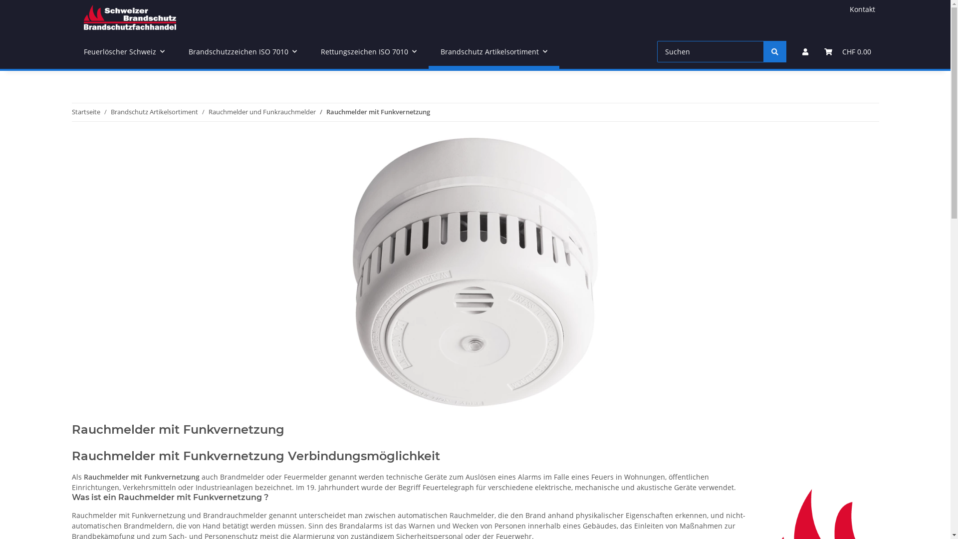 Image resolution: width=958 pixels, height=539 pixels. Describe the element at coordinates (847, 51) in the screenshot. I see `'CHF 0.00'` at that location.